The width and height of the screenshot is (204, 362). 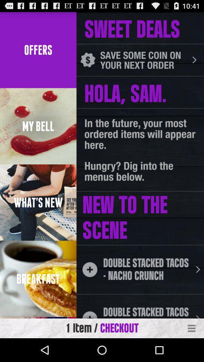 I want to click on the menu icon, so click(x=192, y=351).